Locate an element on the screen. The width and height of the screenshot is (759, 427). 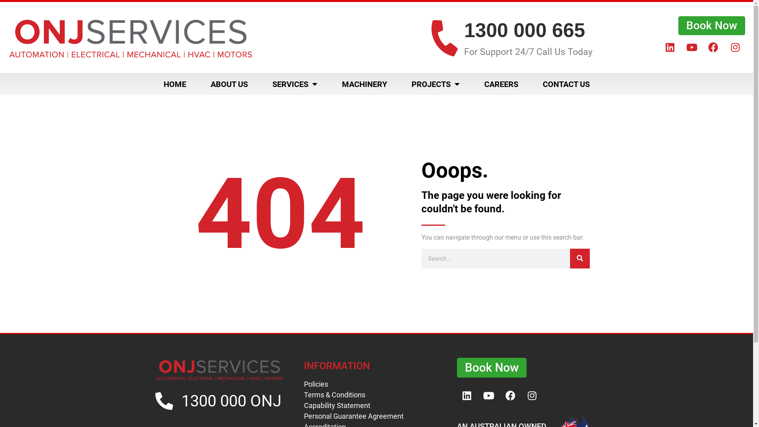
'MACHINERY' is located at coordinates (364, 84).